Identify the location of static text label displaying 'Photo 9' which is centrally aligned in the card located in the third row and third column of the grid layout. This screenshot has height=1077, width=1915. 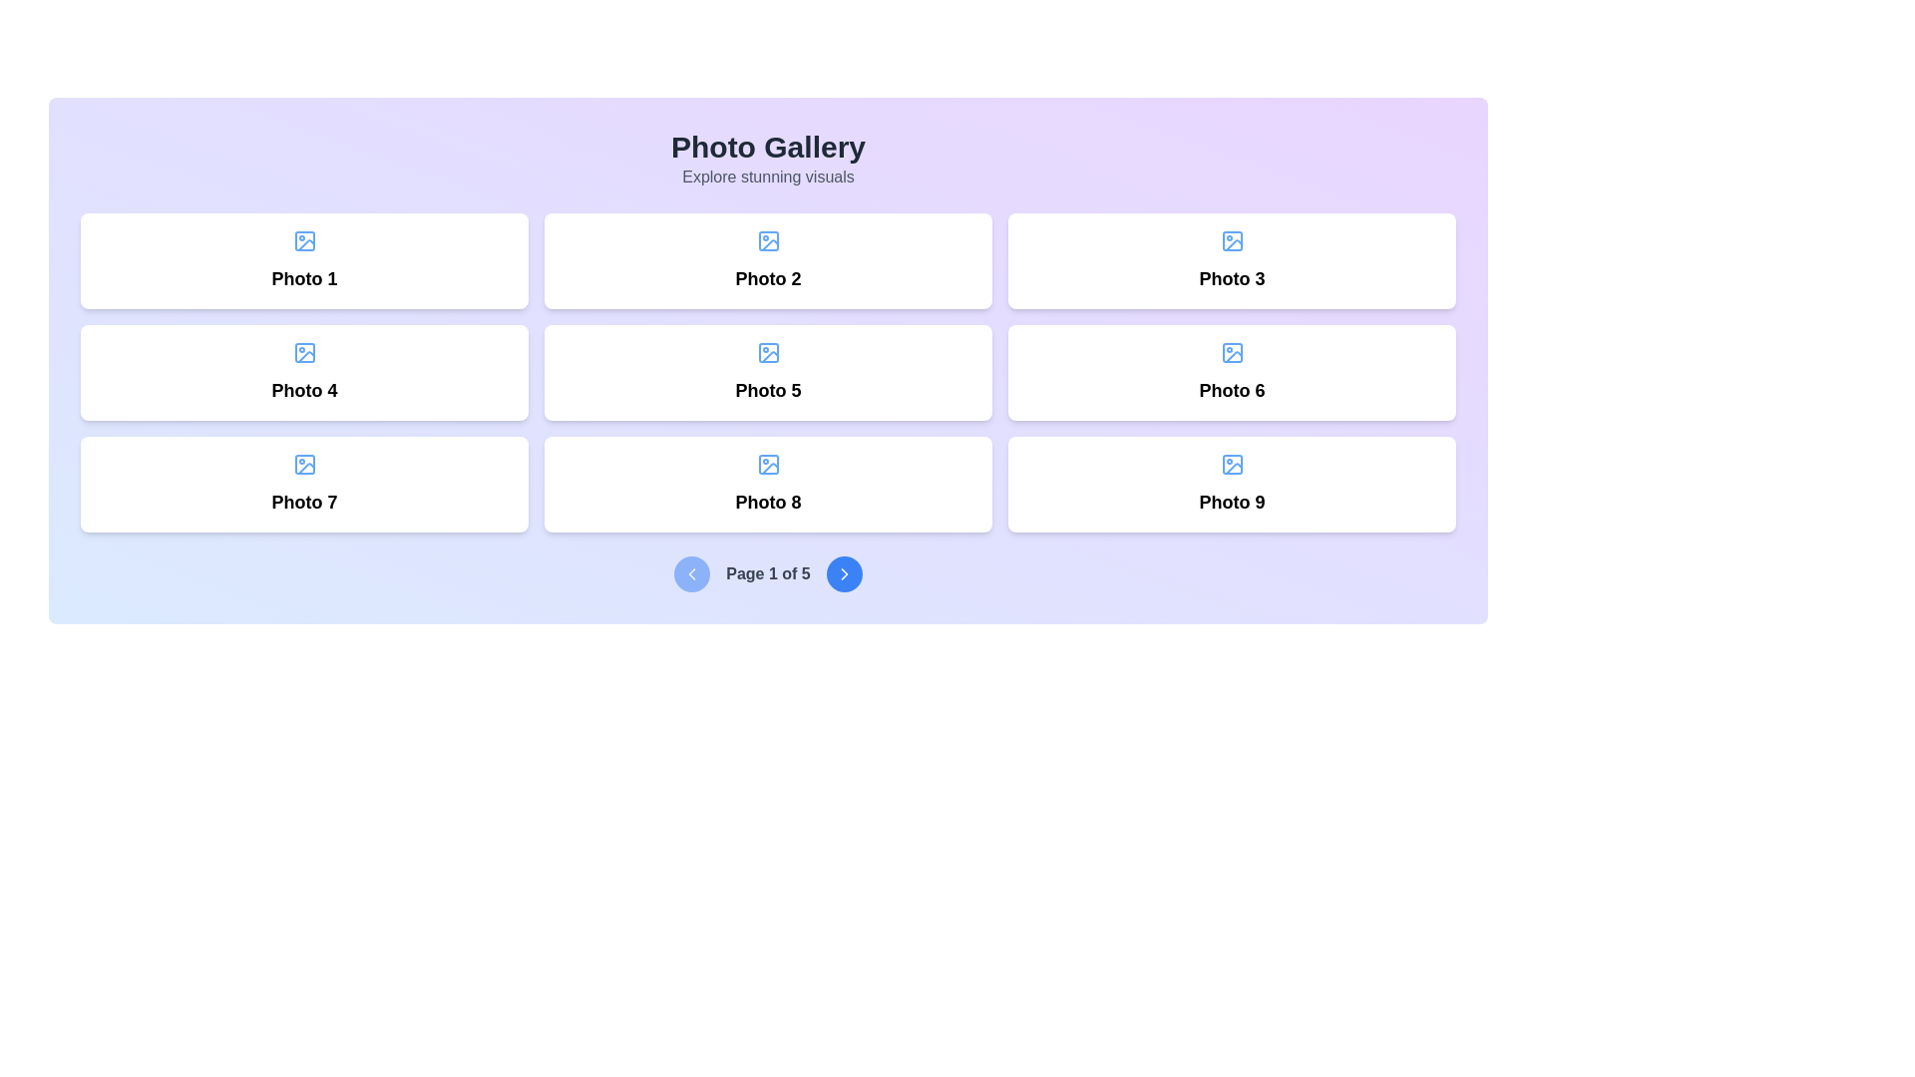
(1231, 502).